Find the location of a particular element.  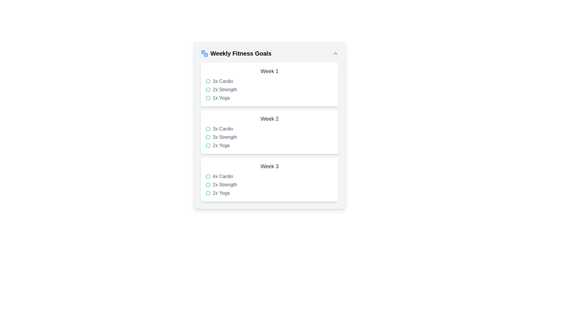

the icon representing the completion status of the '3x Strength' goal for Week 2, which is positioned to the left of the text '3x Strength' is located at coordinates (208, 137).